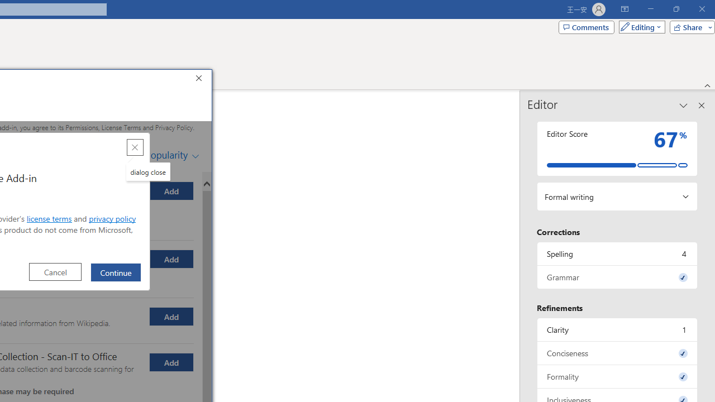  Describe the element at coordinates (639, 26) in the screenshot. I see `'Editing'` at that location.